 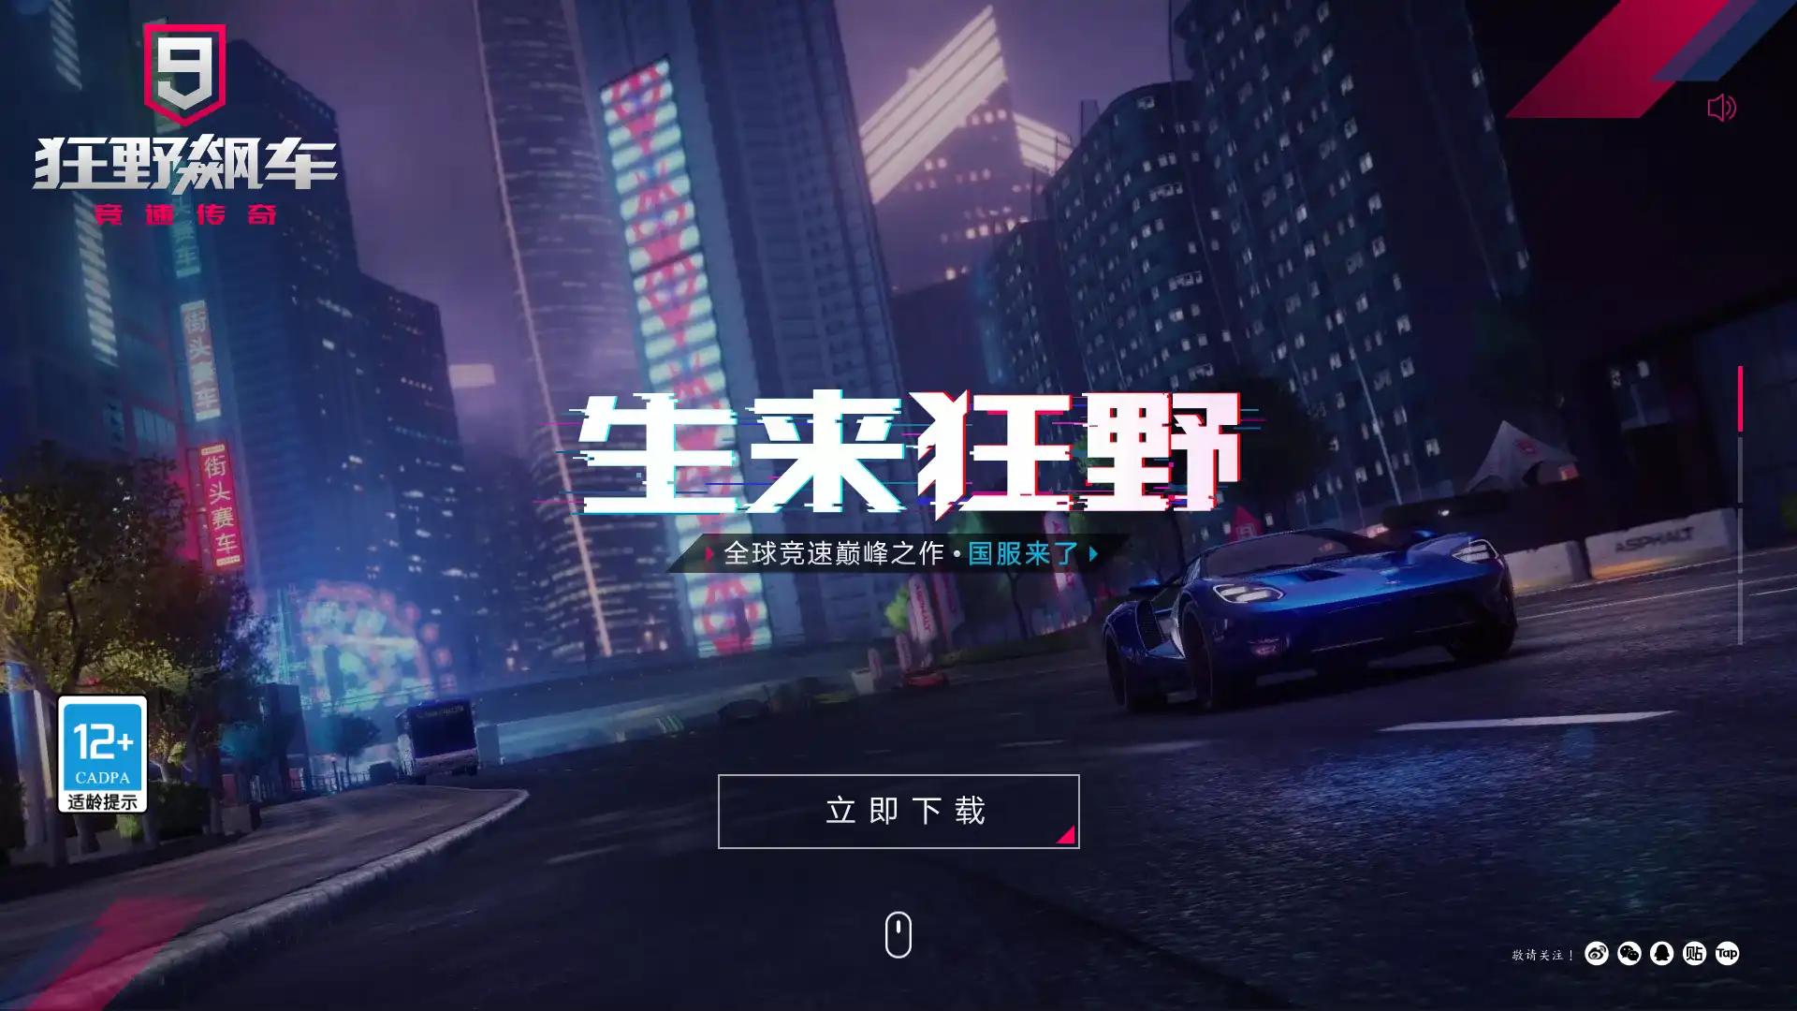 I want to click on Go to slide 1, so click(x=1739, y=397).